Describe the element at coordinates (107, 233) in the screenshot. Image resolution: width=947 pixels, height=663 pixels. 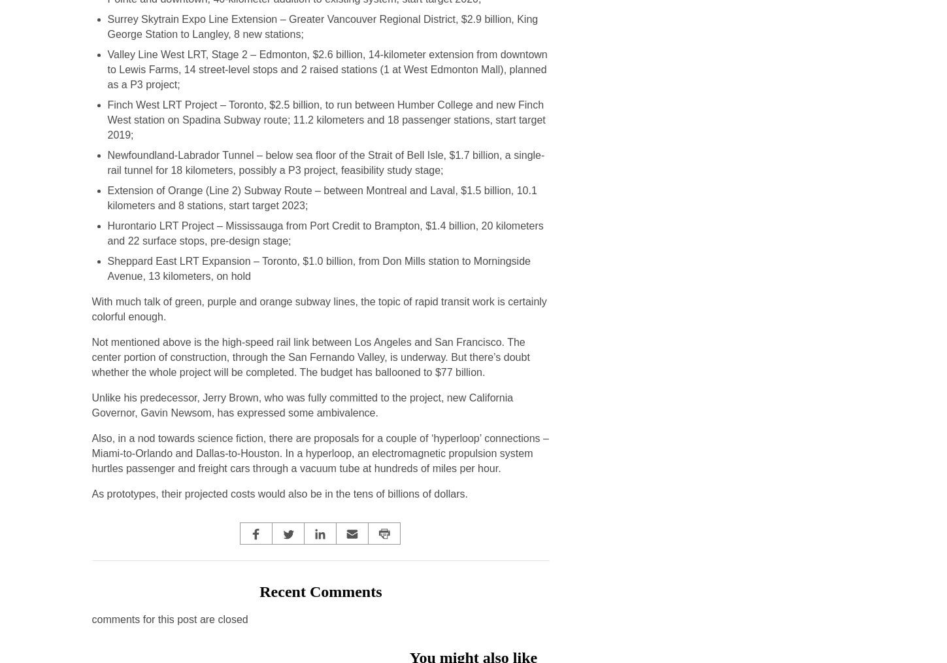
I see `'Hurontario  LRT Project – Mississauga from Port Credit to Brampton, $1.4 billion, 20  kilometers and 22 surface stops, pre-design stage;'` at that location.